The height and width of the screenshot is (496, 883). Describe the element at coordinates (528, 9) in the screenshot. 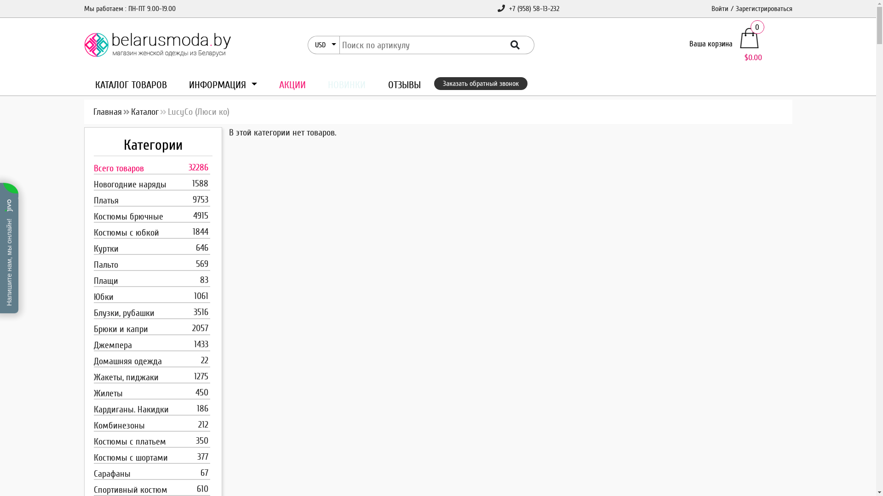

I see `'+7 (958) 58-13-232'` at that location.